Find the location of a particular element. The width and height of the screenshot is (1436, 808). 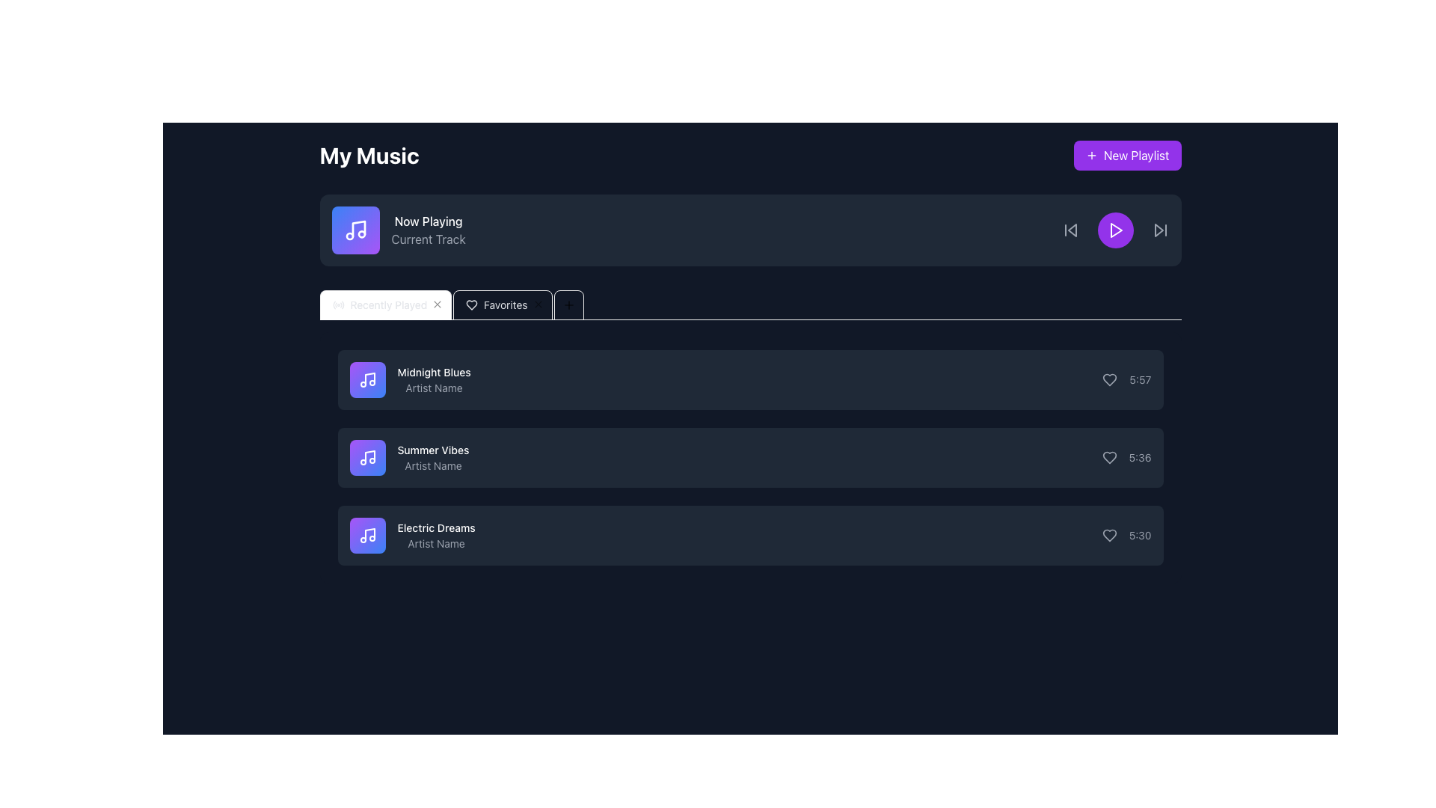

the heart icon located at the far right of the 'Electric Dreams' list item is located at coordinates (1109, 535).